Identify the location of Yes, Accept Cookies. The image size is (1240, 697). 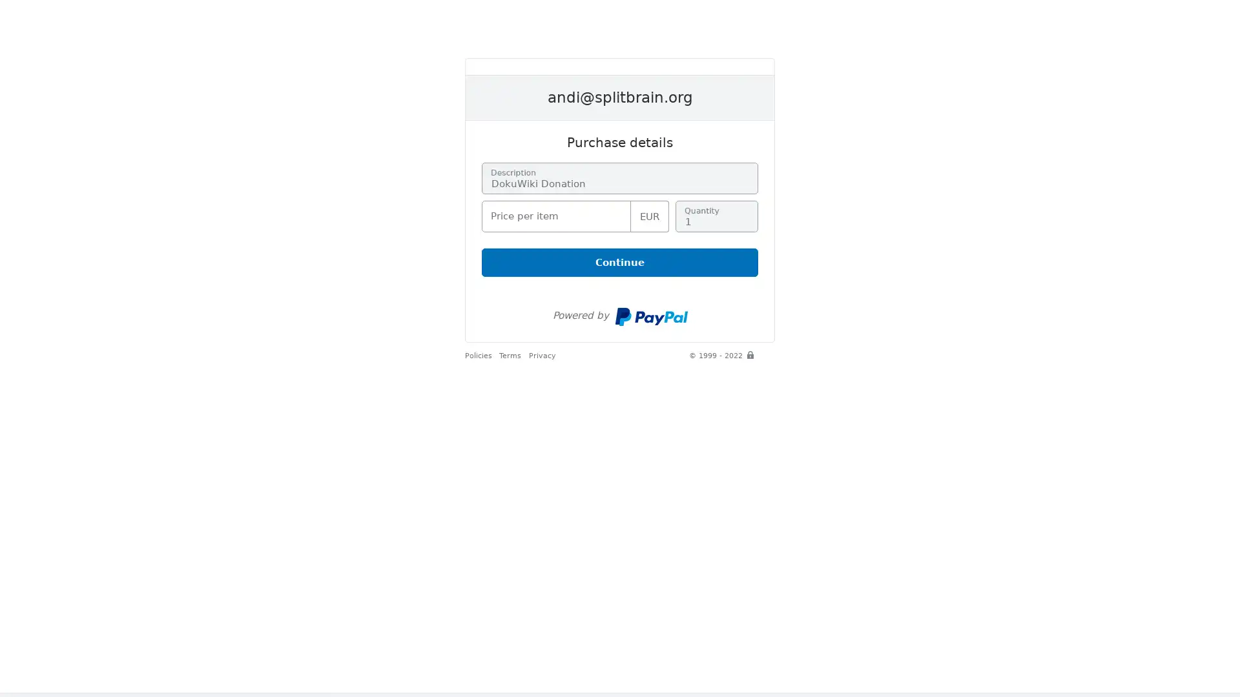
(752, 658).